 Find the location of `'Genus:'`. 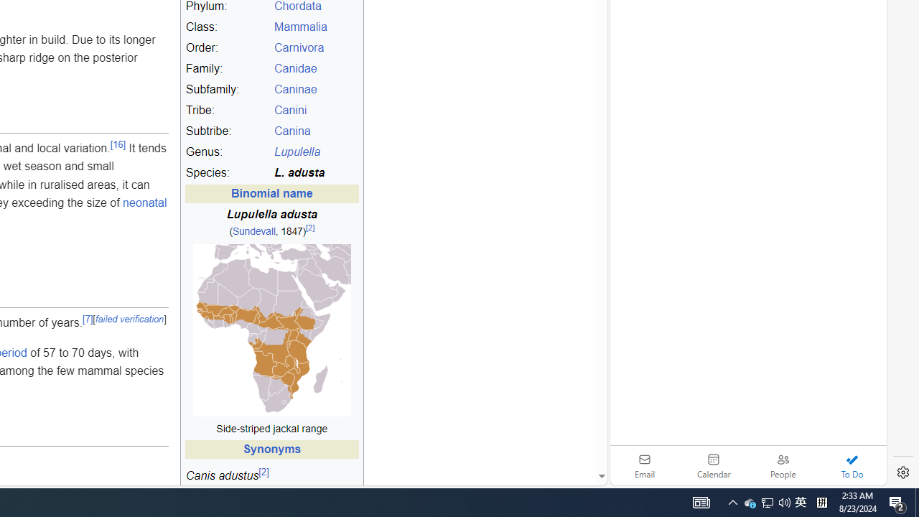

'Genus:' is located at coordinates (227, 152).